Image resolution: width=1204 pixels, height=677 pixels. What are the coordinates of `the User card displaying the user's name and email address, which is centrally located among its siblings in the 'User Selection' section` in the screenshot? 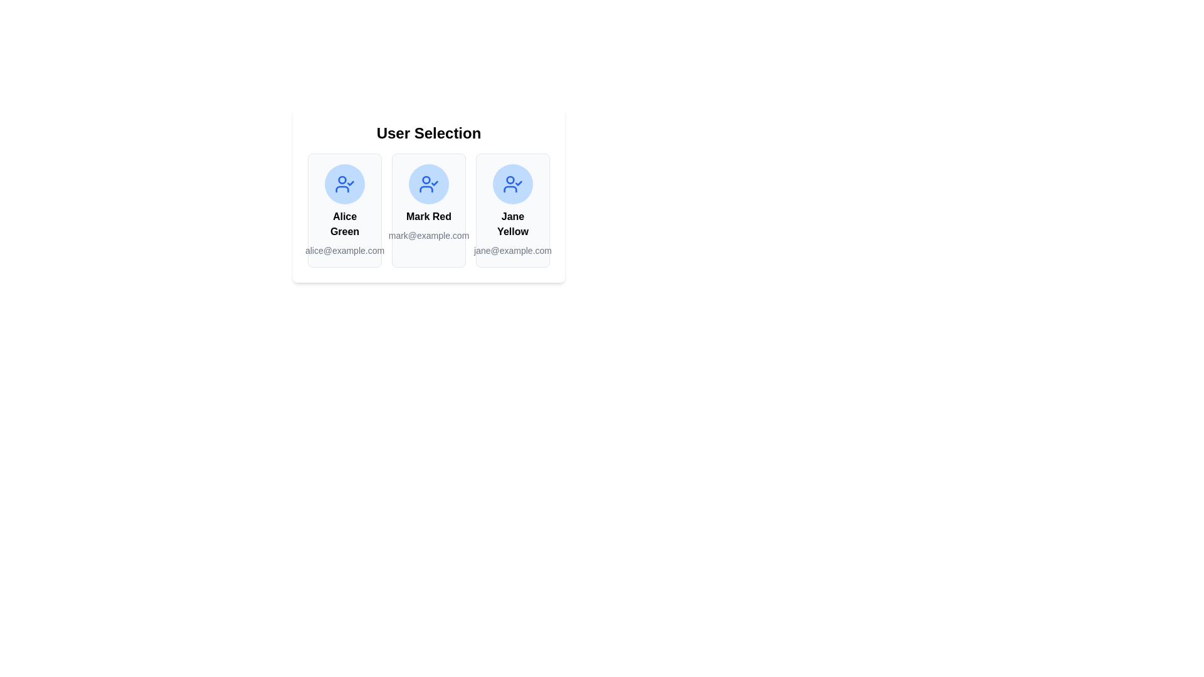 It's located at (429, 196).